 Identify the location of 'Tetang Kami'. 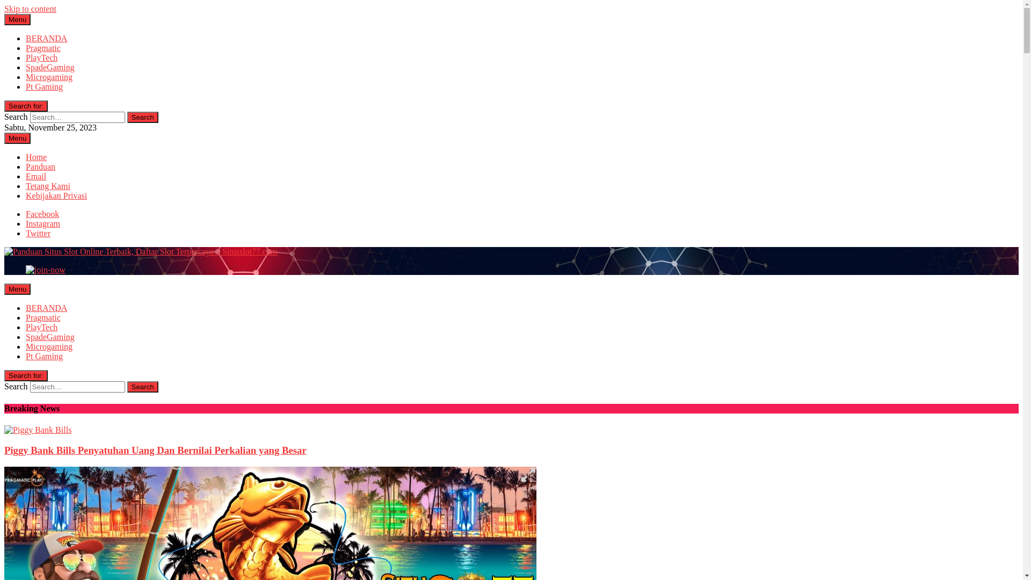
(47, 185).